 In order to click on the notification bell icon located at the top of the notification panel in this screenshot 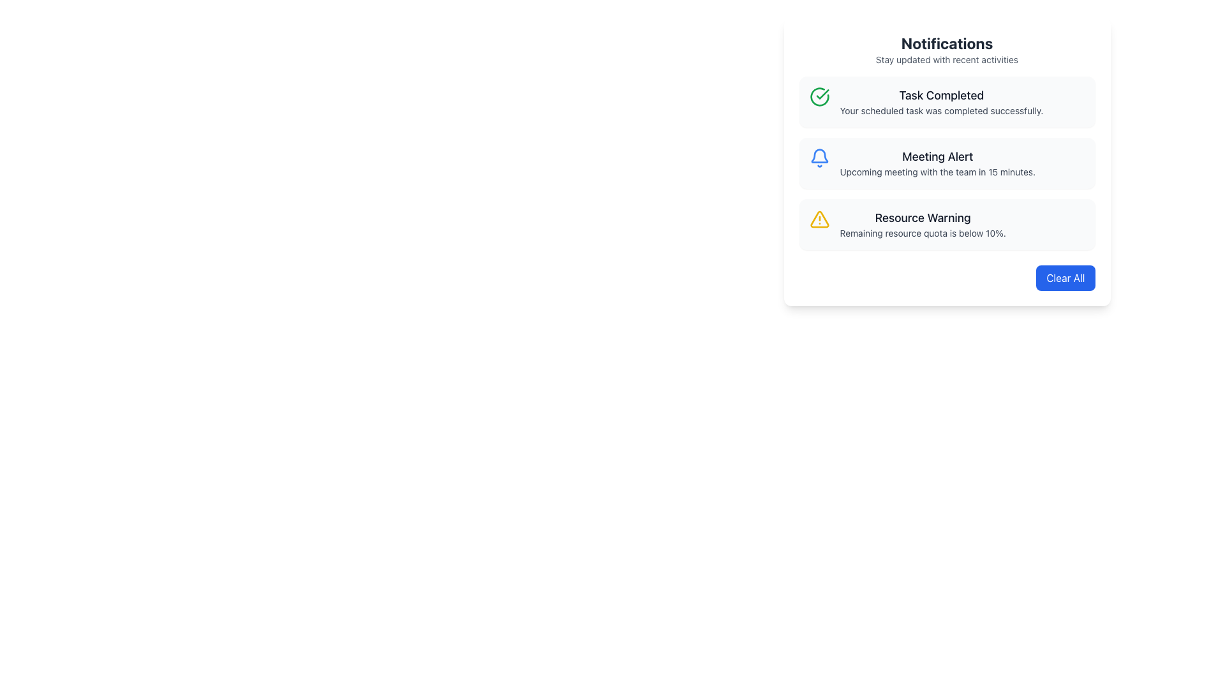, I will do `click(819, 154)`.